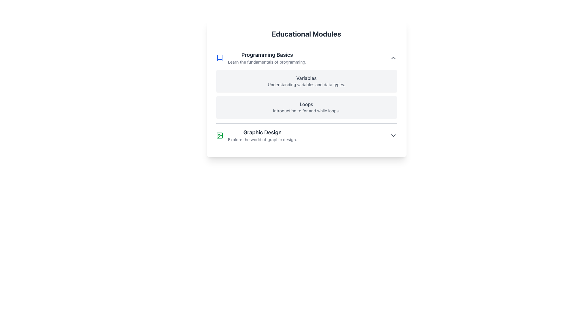 Image resolution: width=571 pixels, height=321 pixels. Describe the element at coordinates (219, 58) in the screenshot. I see `the small blue book icon with a hollow graphical style, located at the far left of the 'Programming Basics' section, aligned with the header text` at that location.